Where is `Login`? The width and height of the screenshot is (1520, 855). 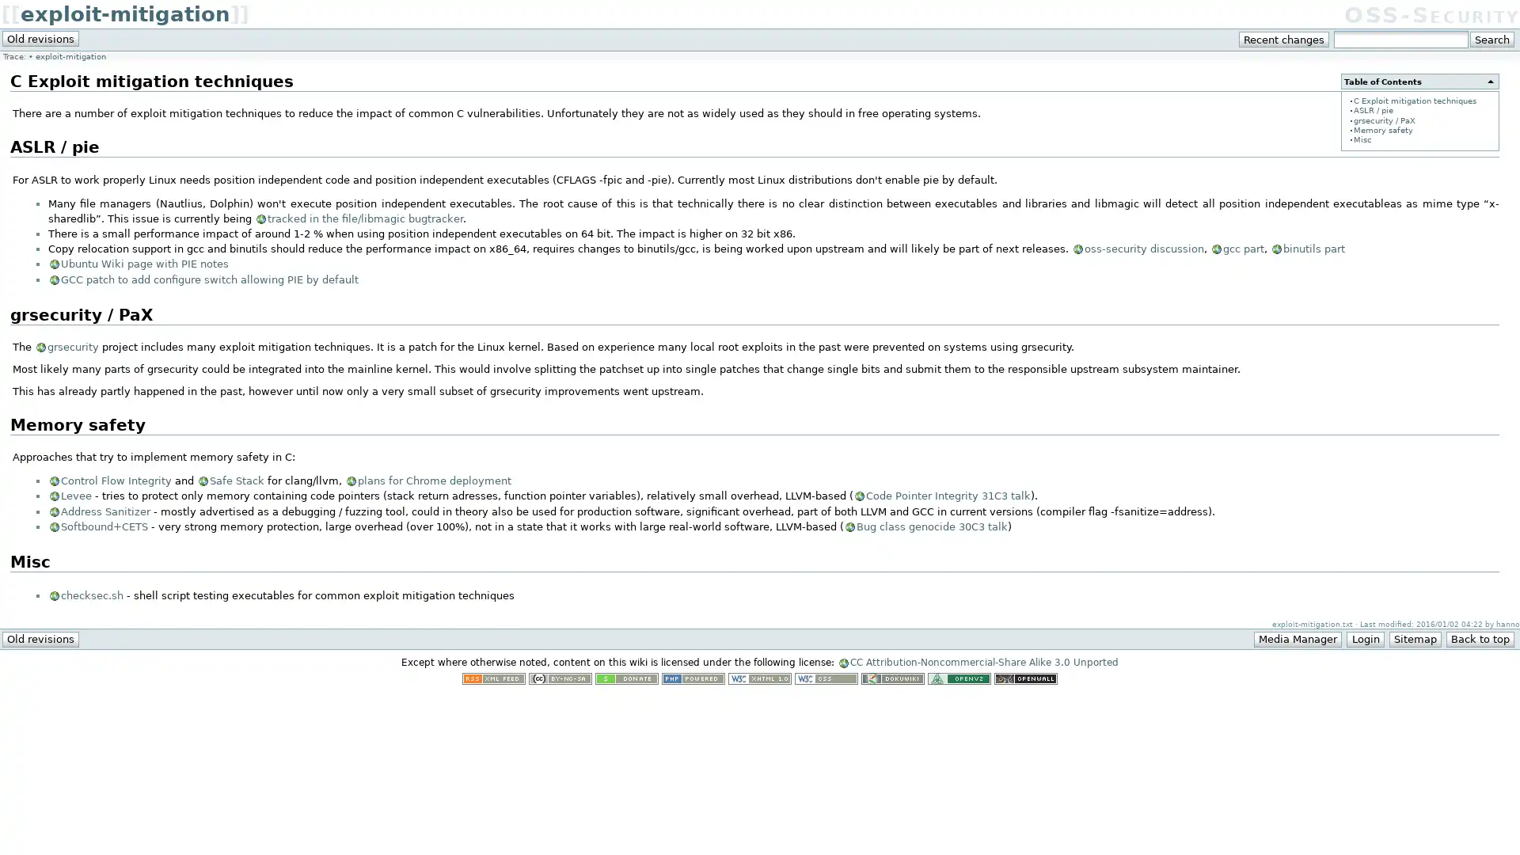 Login is located at coordinates (1364, 637).